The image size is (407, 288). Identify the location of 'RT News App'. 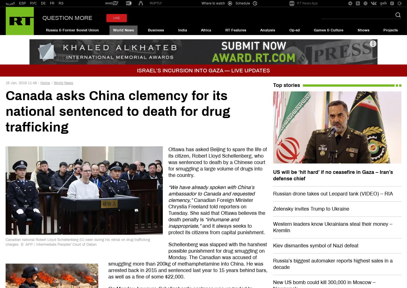
(297, 3).